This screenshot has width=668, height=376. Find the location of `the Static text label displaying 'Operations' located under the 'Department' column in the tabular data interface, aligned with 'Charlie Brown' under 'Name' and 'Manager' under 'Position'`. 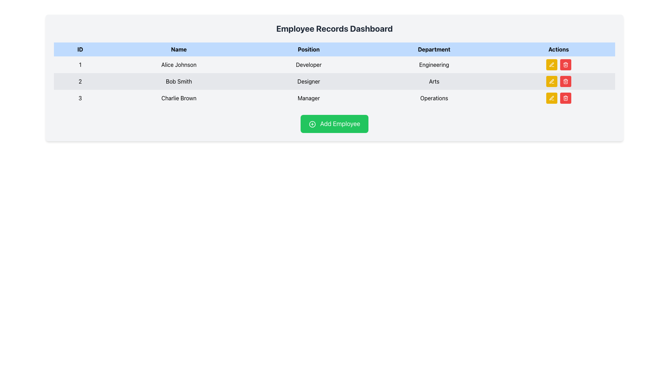

the Static text label displaying 'Operations' located under the 'Department' column in the tabular data interface, aligned with 'Charlie Brown' under 'Name' and 'Manager' under 'Position' is located at coordinates (434, 98).